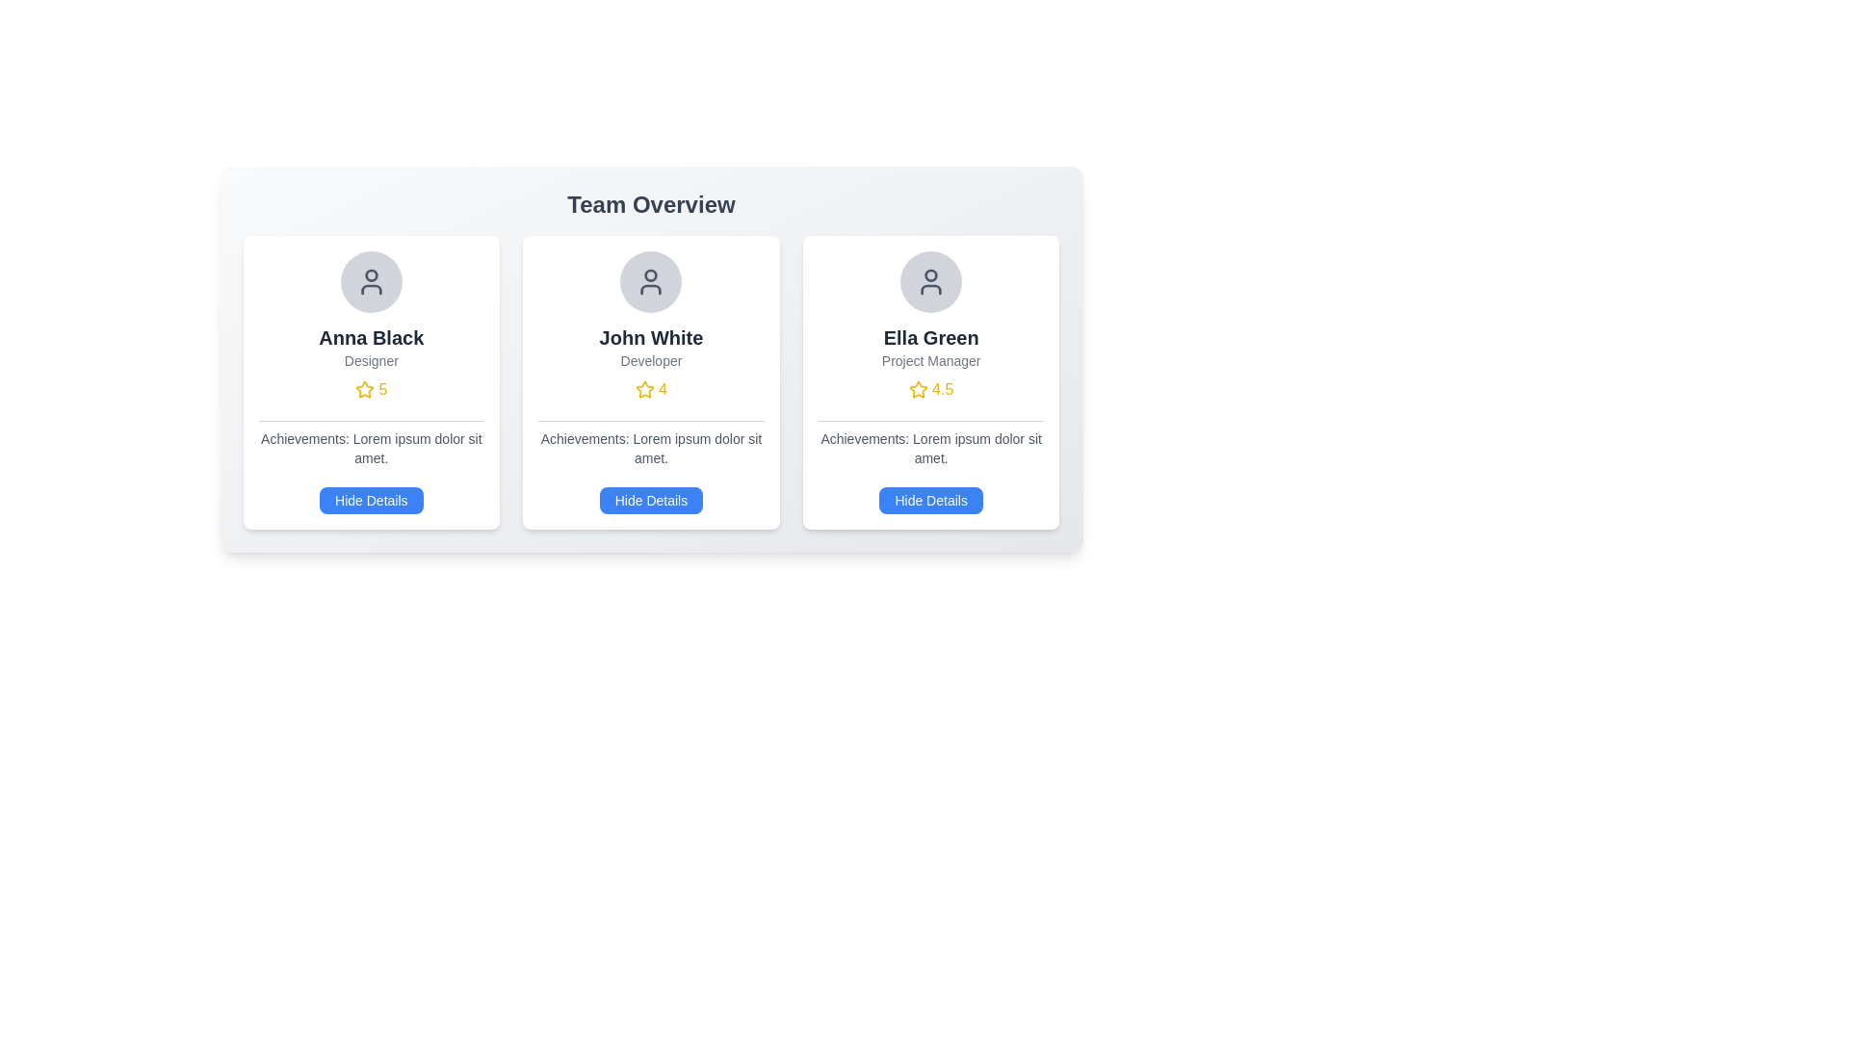 The image size is (1849, 1040). I want to click on the button located in the lower middle section of the card representing 'John White' to hide additional details about the entity, so click(651, 500).